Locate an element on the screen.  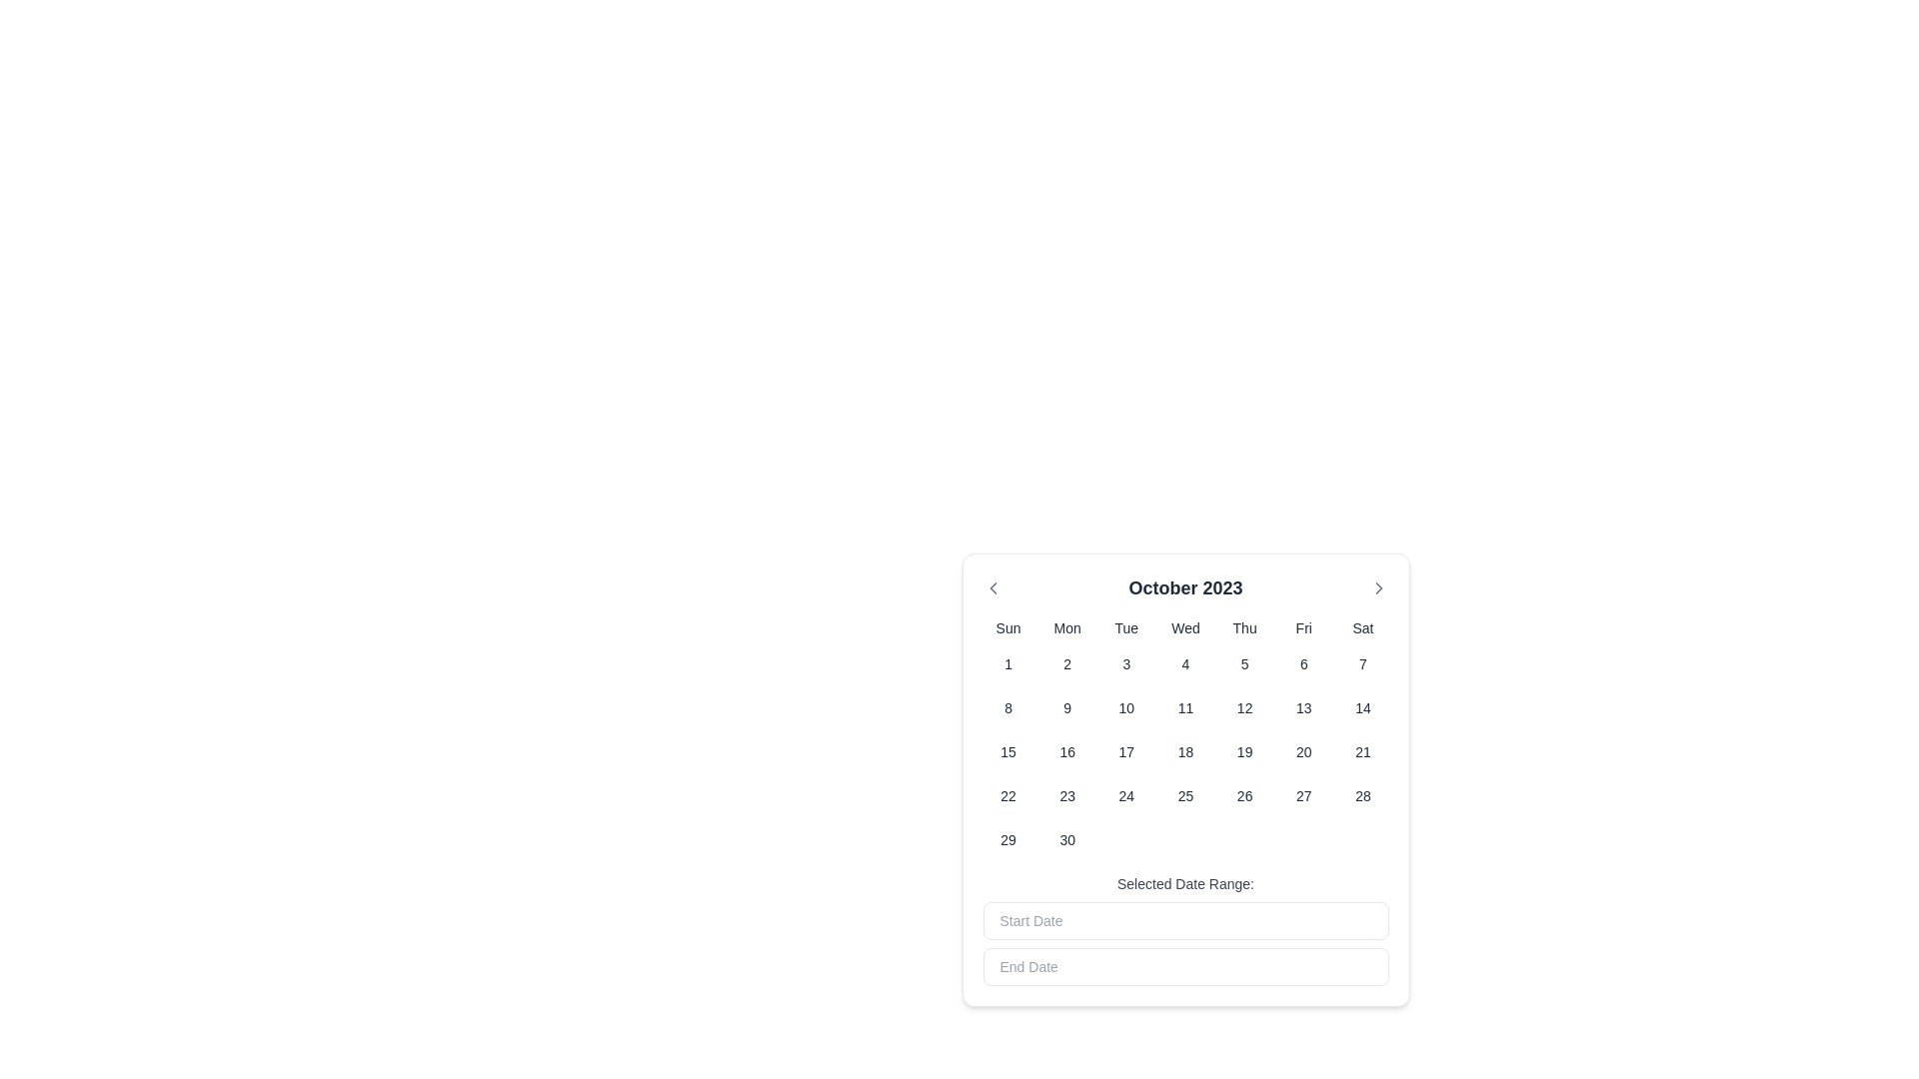
the small, rounded rectangle button displaying the number '21' is located at coordinates (1361, 751).